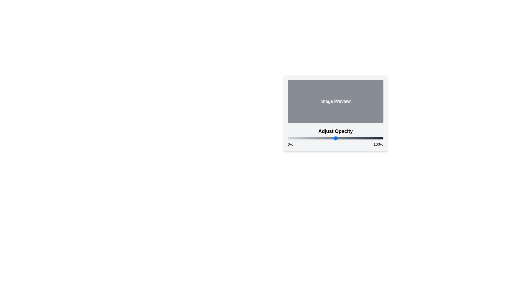  I want to click on the opacity, so click(352, 138).